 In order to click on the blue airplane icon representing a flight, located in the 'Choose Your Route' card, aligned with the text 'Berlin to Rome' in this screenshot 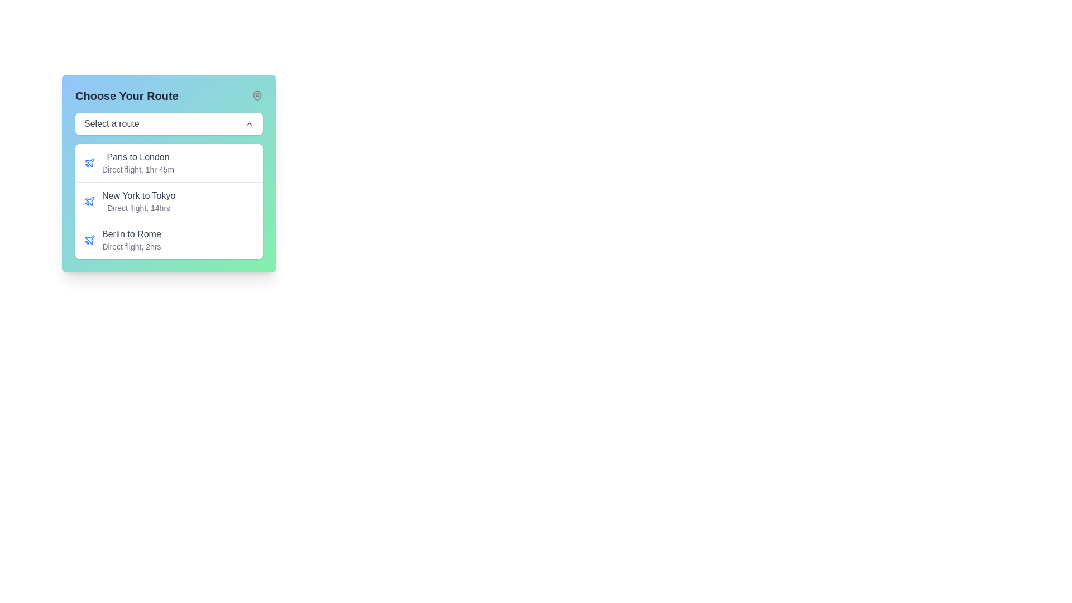, I will do `click(90, 239)`.